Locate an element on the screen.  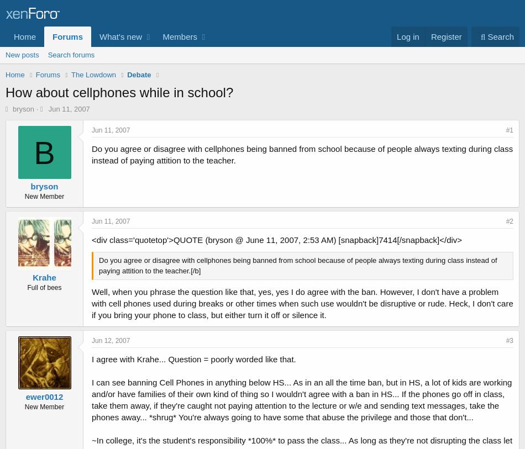
'#1' is located at coordinates (508, 130).